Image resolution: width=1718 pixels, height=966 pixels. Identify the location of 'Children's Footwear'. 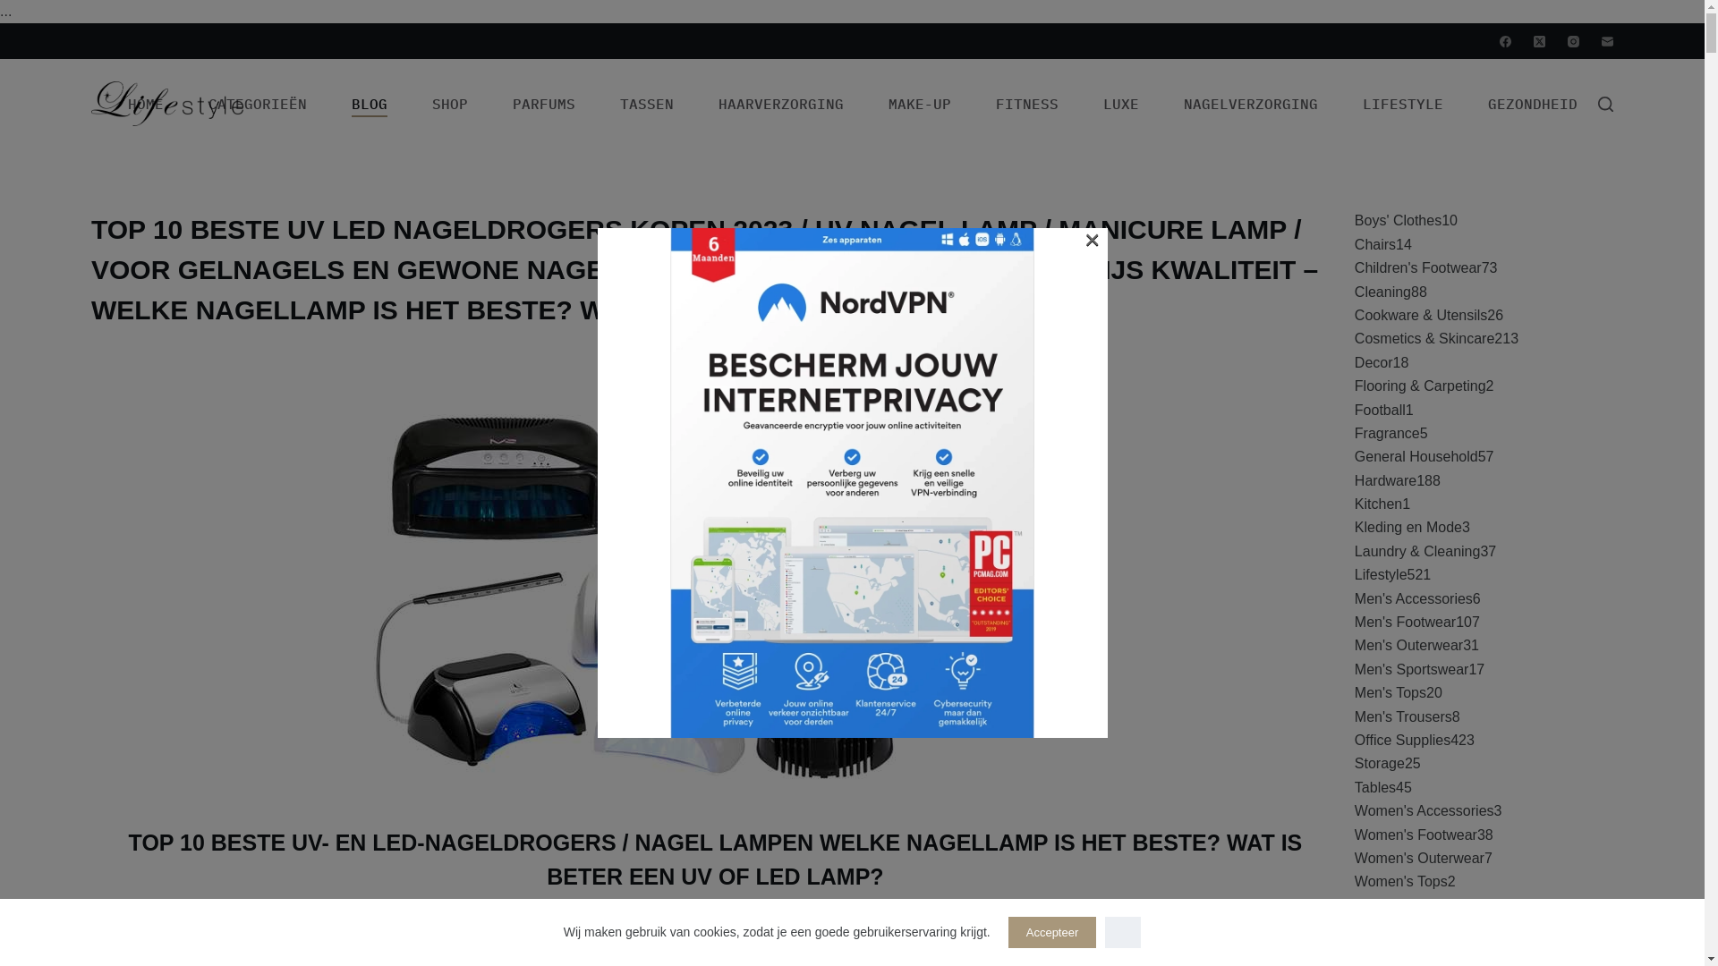
(1416, 267).